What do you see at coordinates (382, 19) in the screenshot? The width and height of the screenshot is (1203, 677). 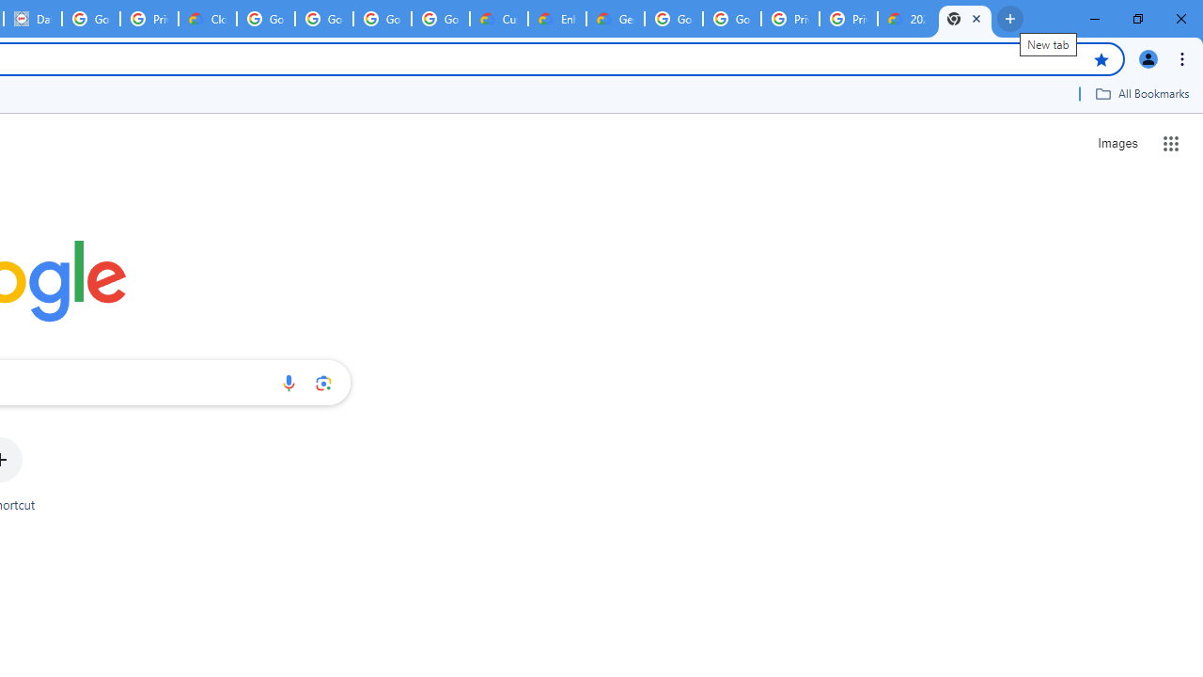 I see `'Google Workspace - Specific Terms'` at bounding box center [382, 19].